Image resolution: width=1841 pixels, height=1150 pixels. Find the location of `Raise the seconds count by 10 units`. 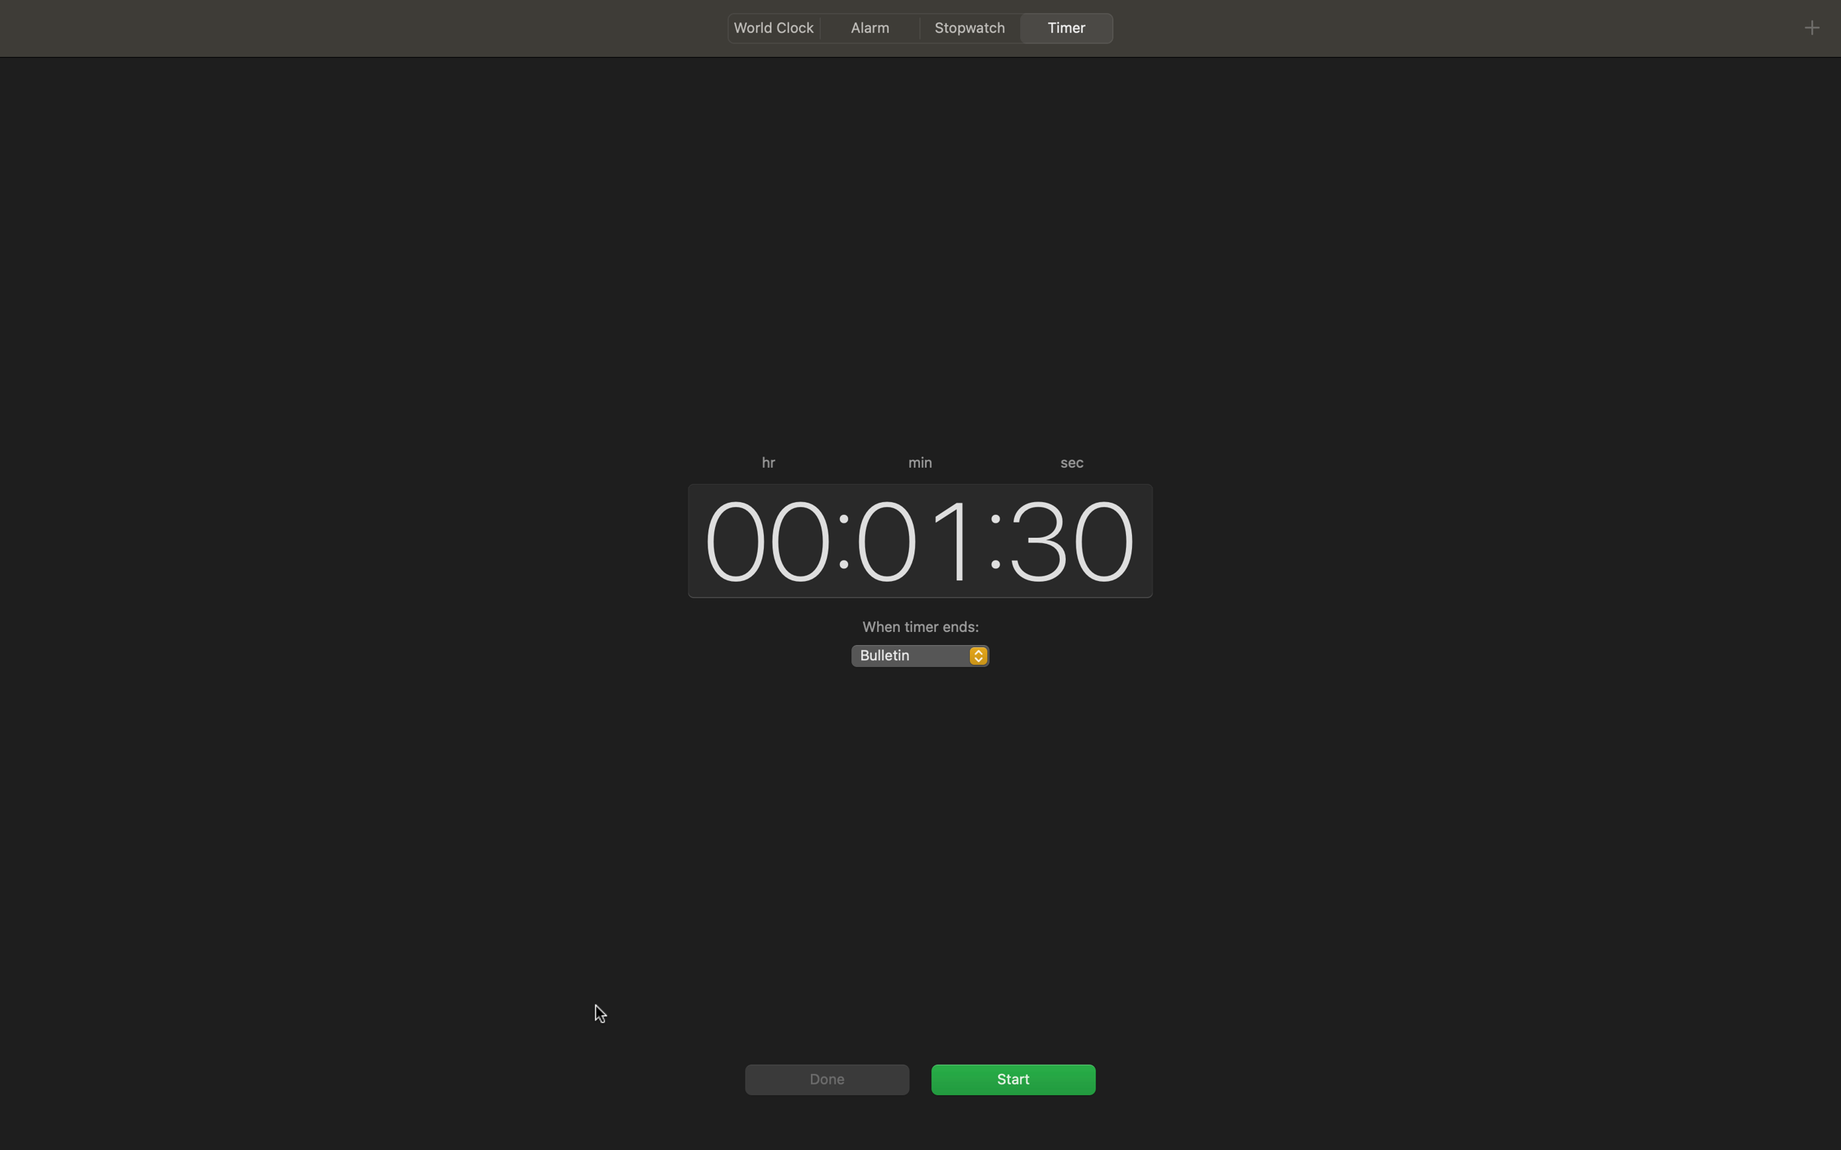

Raise the seconds count by 10 units is located at coordinates (1073, 536).